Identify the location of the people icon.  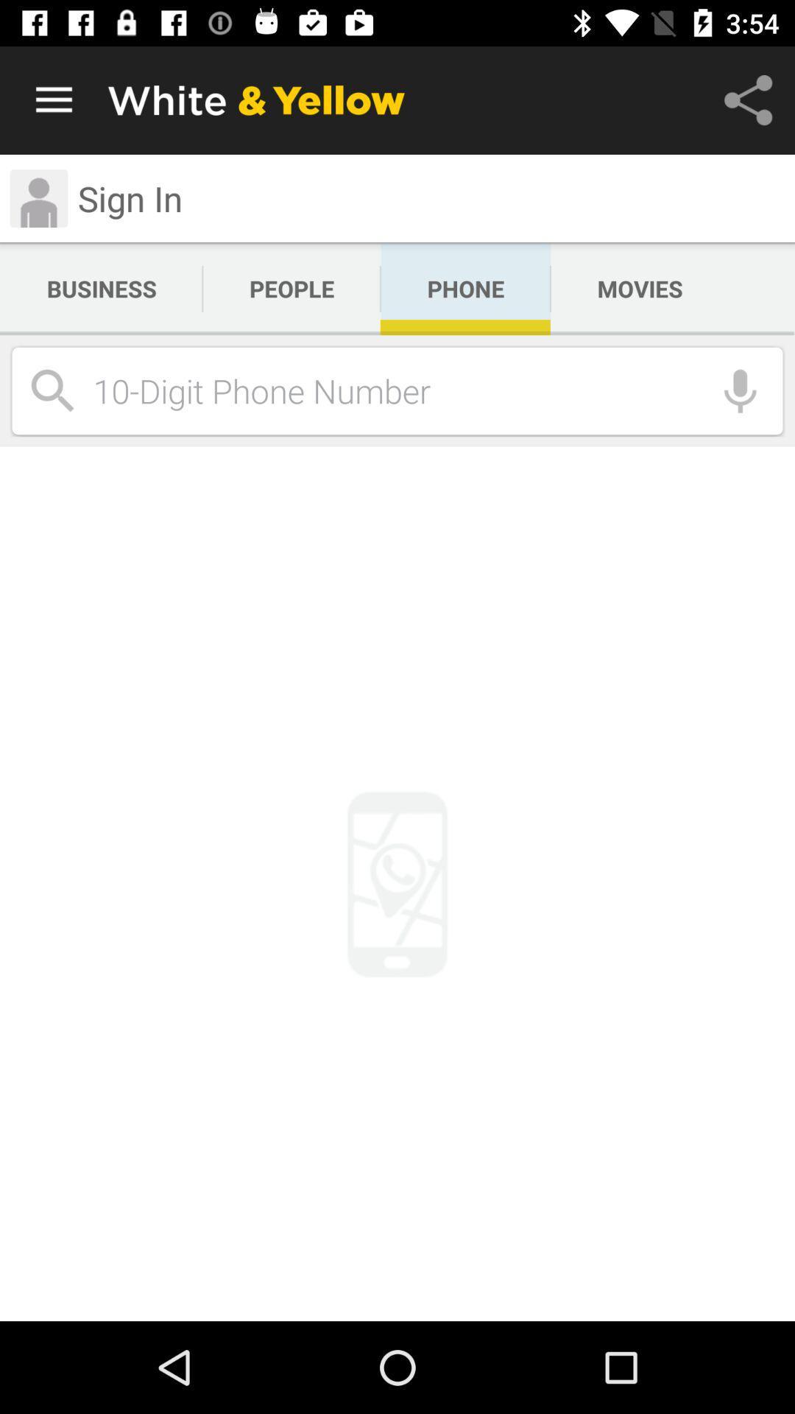
(291, 289).